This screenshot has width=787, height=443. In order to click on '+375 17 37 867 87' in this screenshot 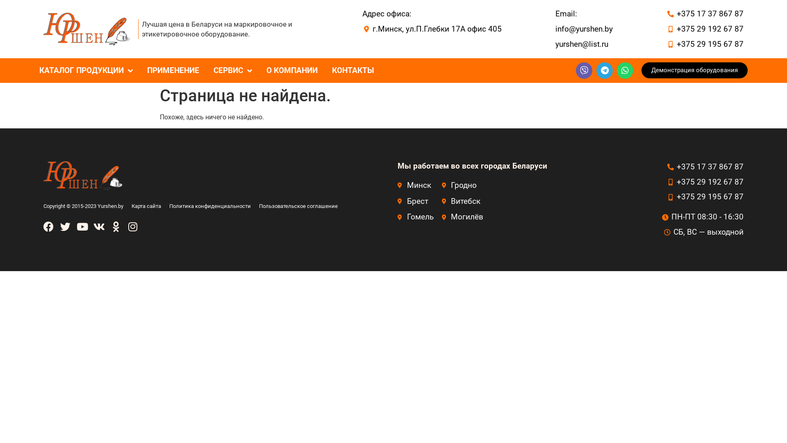, I will do `click(704, 14)`.